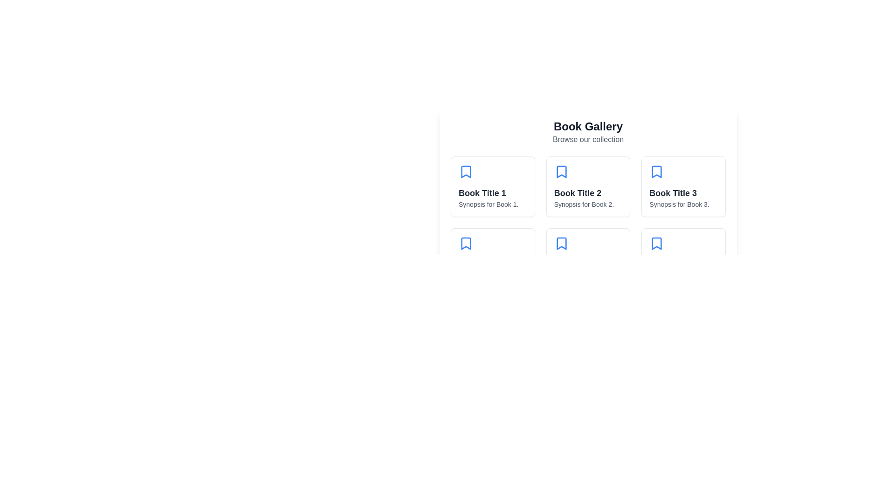  I want to click on the book represented by the second card in the first row of the grid layout, which is positioned between 'Book Title 1' and 'Book Title 3', so click(588, 187).